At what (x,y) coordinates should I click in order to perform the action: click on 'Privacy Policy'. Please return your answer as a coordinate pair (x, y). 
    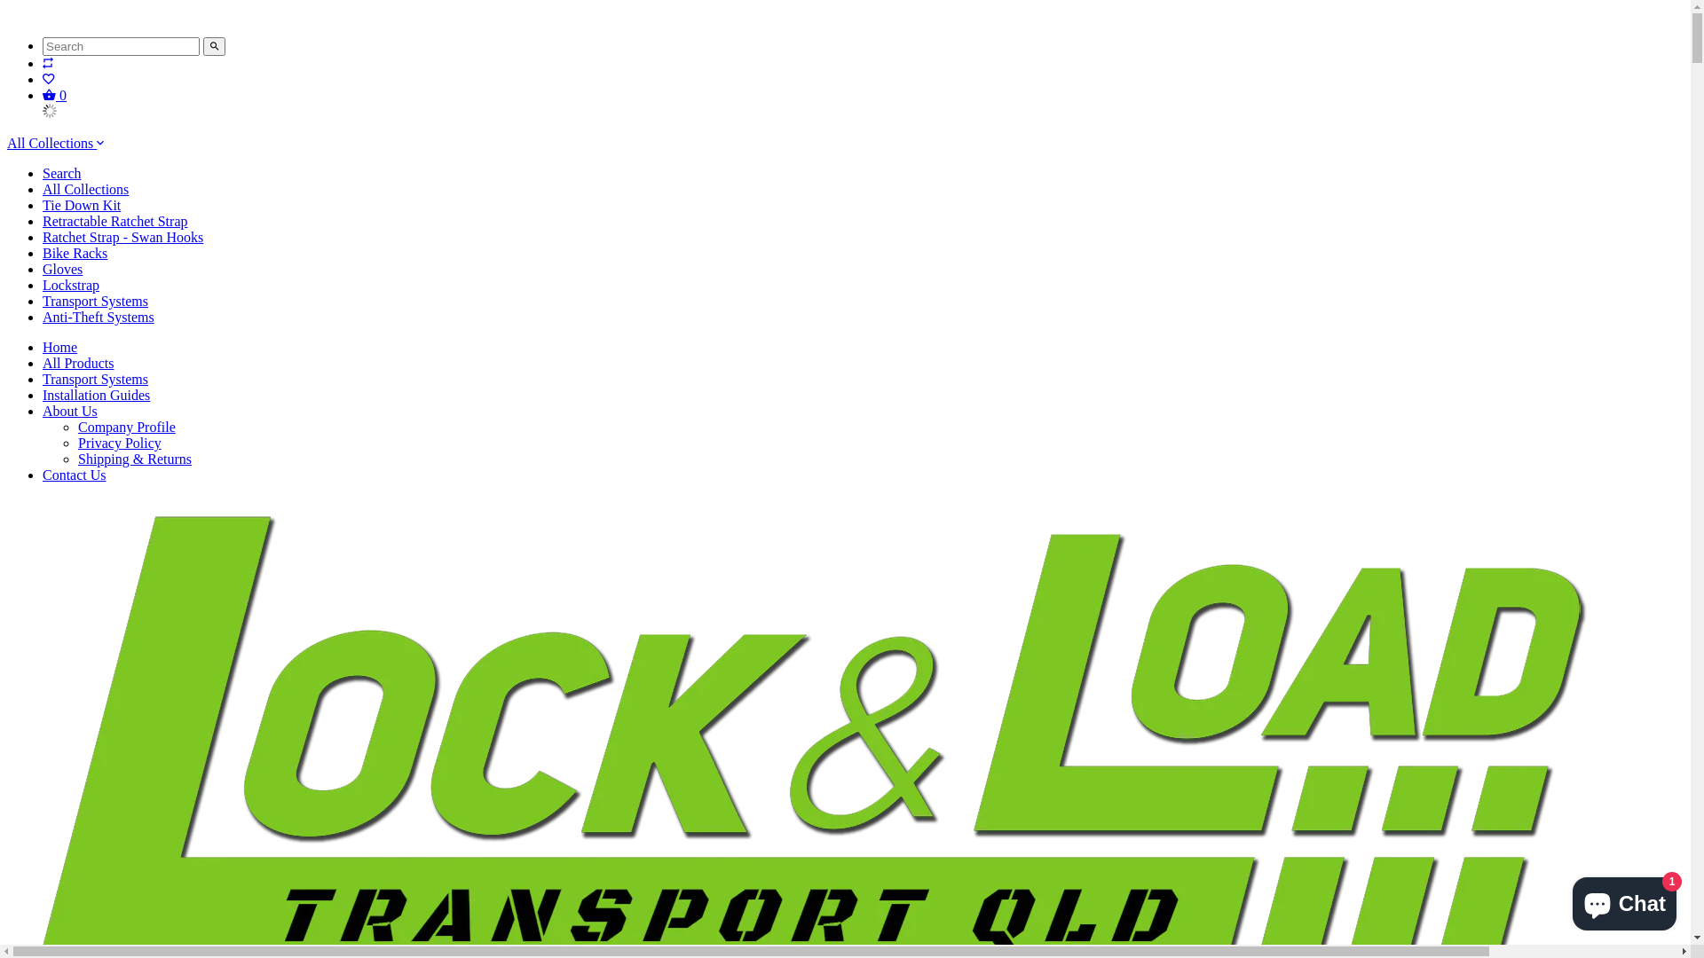
    Looking at the image, I should click on (118, 442).